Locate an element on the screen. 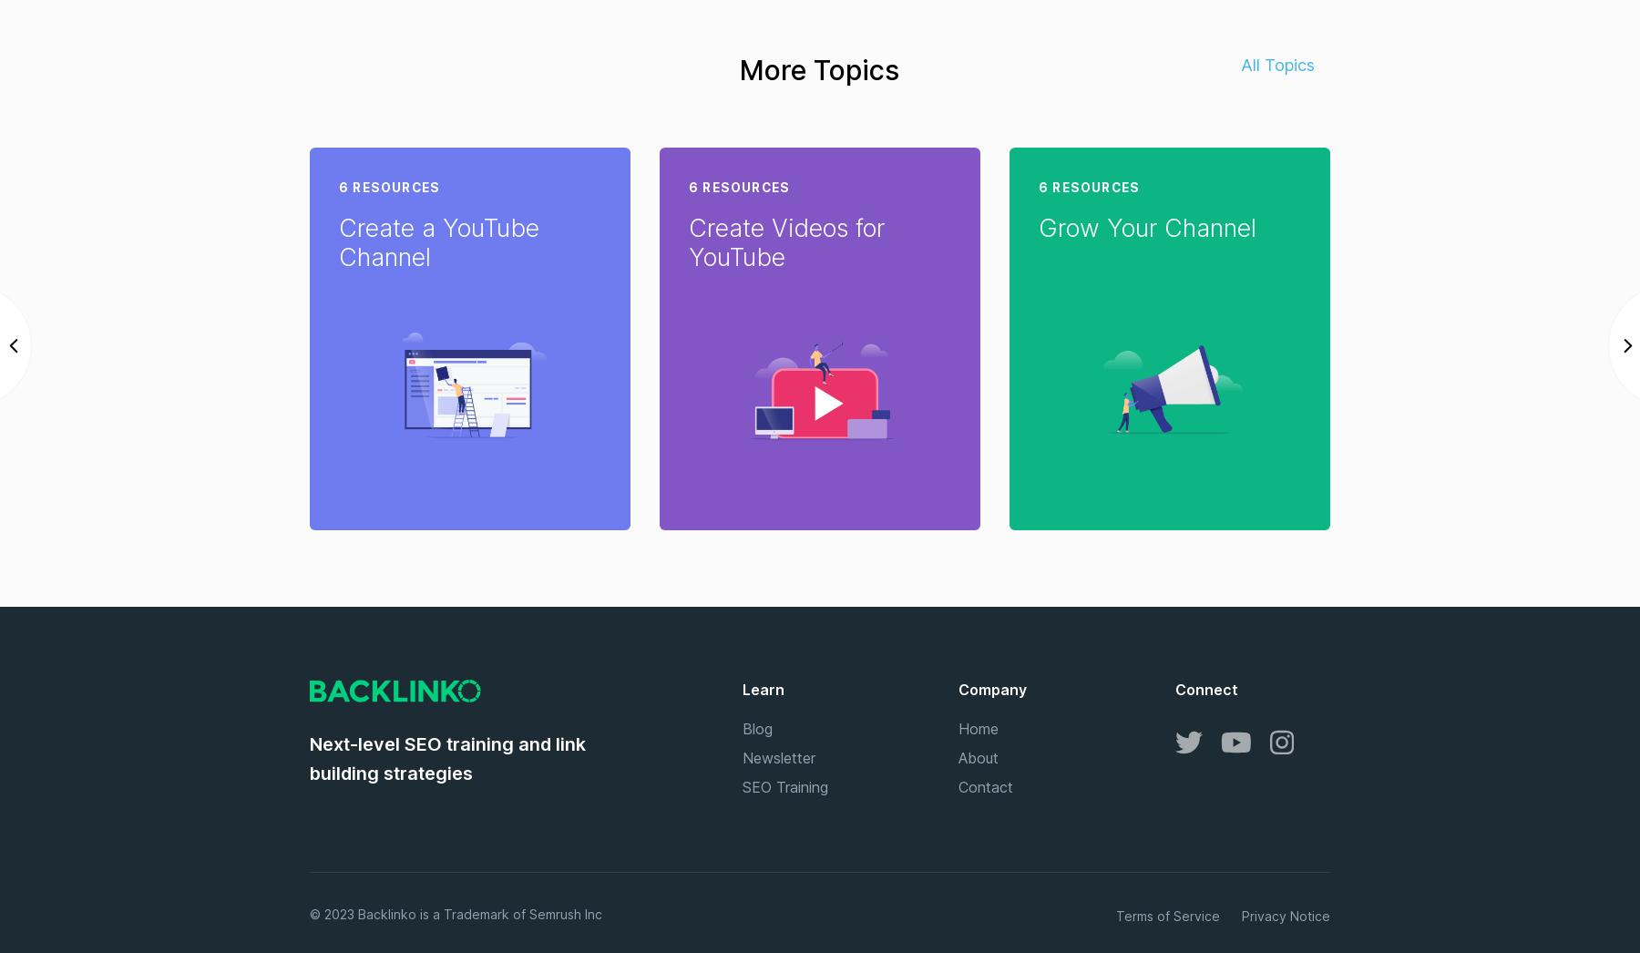 This screenshot has height=953, width=1640. 'More Topics' is located at coordinates (819, 69).